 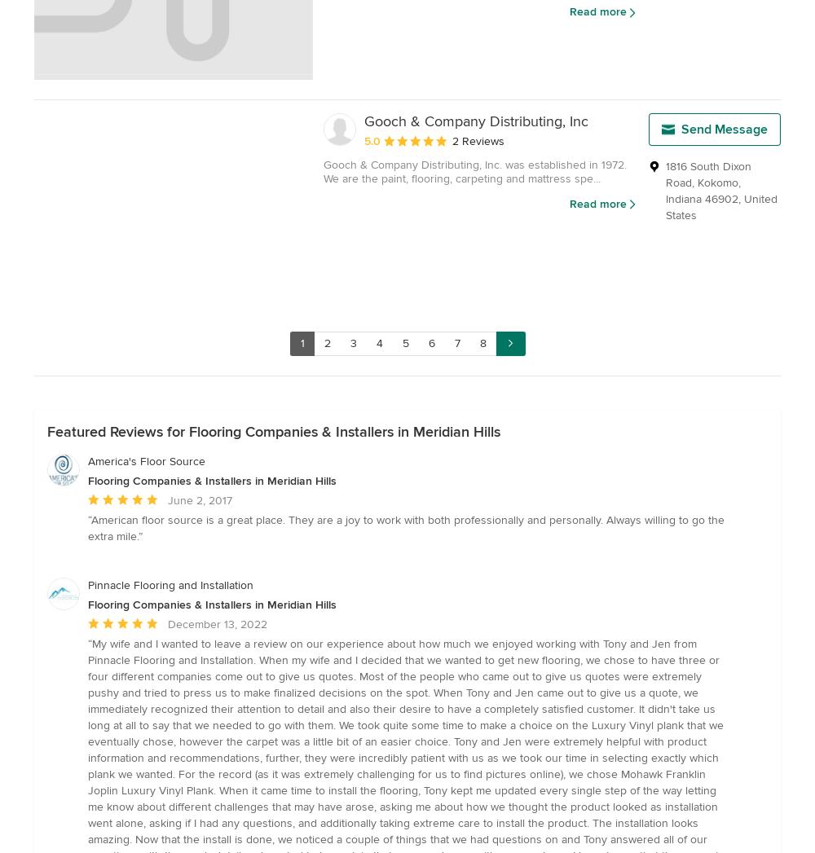 What do you see at coordinates (683, 198) in the screenshot?
I see `'Indiana'` at bounding box center [683, 198].